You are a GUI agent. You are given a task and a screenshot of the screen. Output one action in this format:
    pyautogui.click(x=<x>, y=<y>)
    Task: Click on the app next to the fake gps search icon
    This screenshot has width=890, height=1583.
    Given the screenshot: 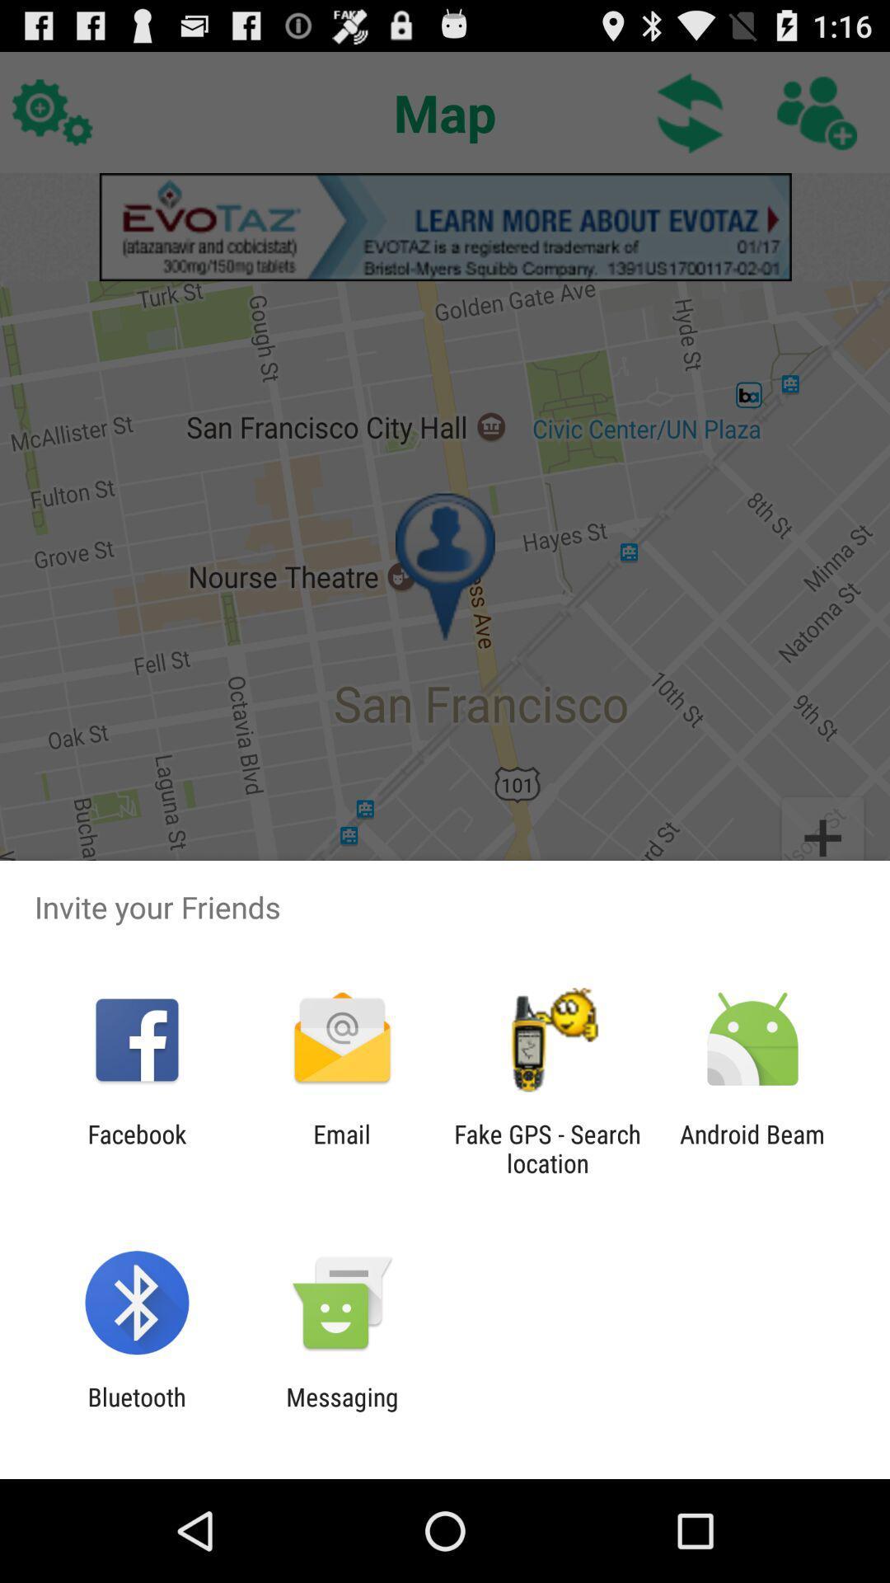 What is the action you would take?
    pyautogui.click(x=752, y=1148)
    